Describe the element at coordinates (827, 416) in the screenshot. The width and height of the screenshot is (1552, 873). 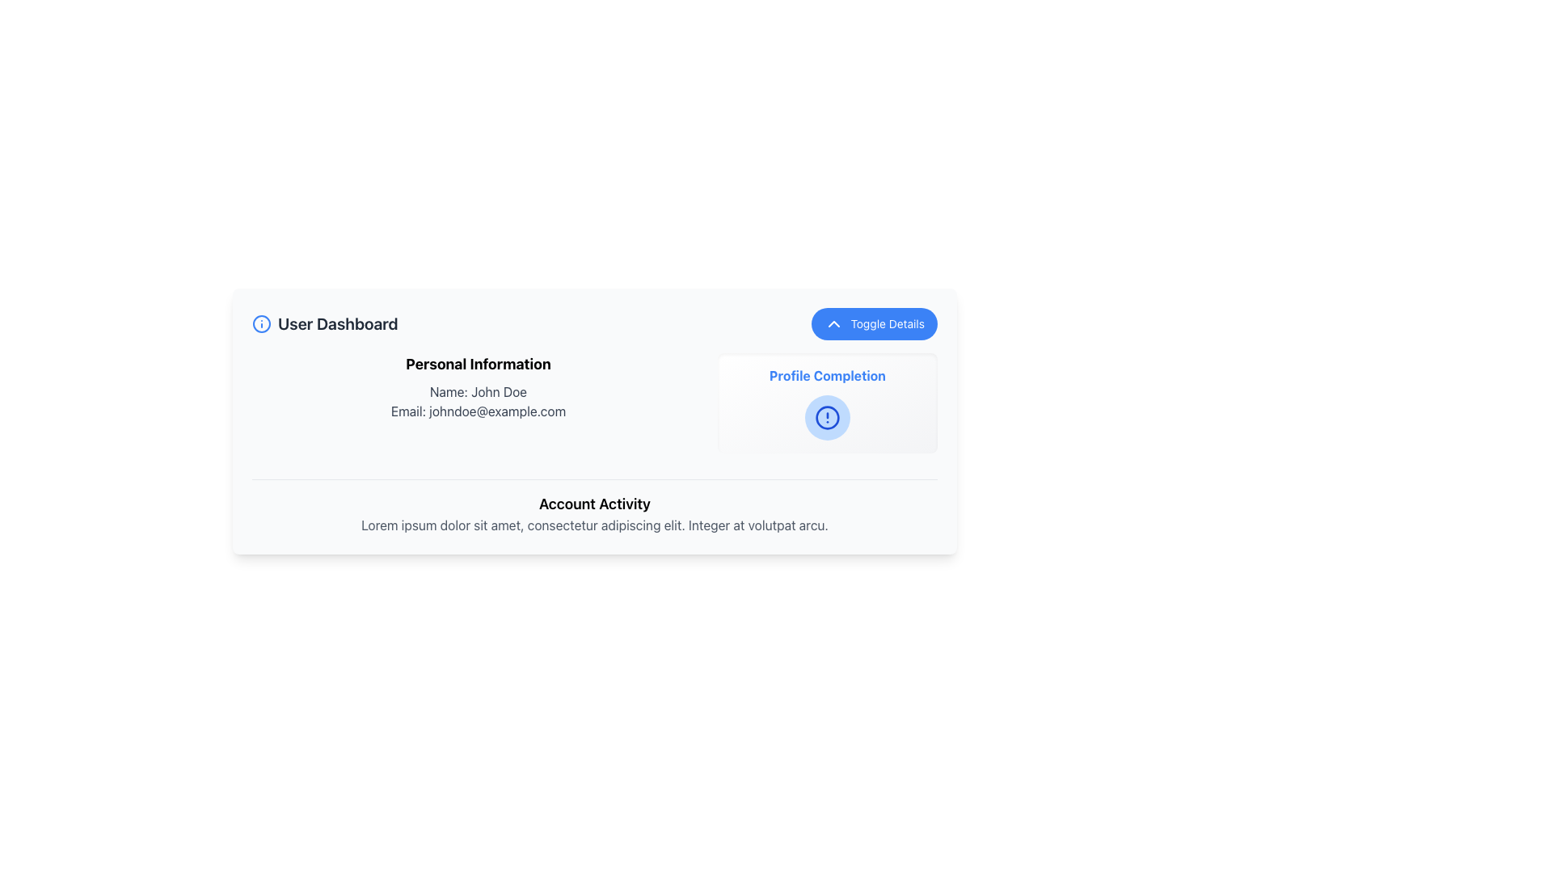
I see `the circular icon with a light blue background and dark blue border containing an exclamation mark, located in the 'Profile Completion' section` at that location.